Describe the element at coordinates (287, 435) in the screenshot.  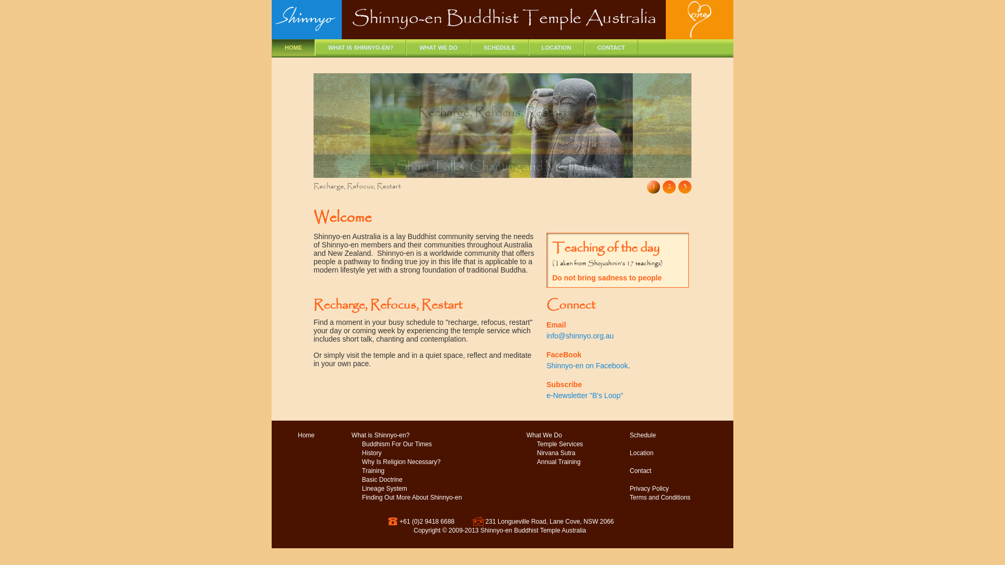
I see `'Home'` at that location.